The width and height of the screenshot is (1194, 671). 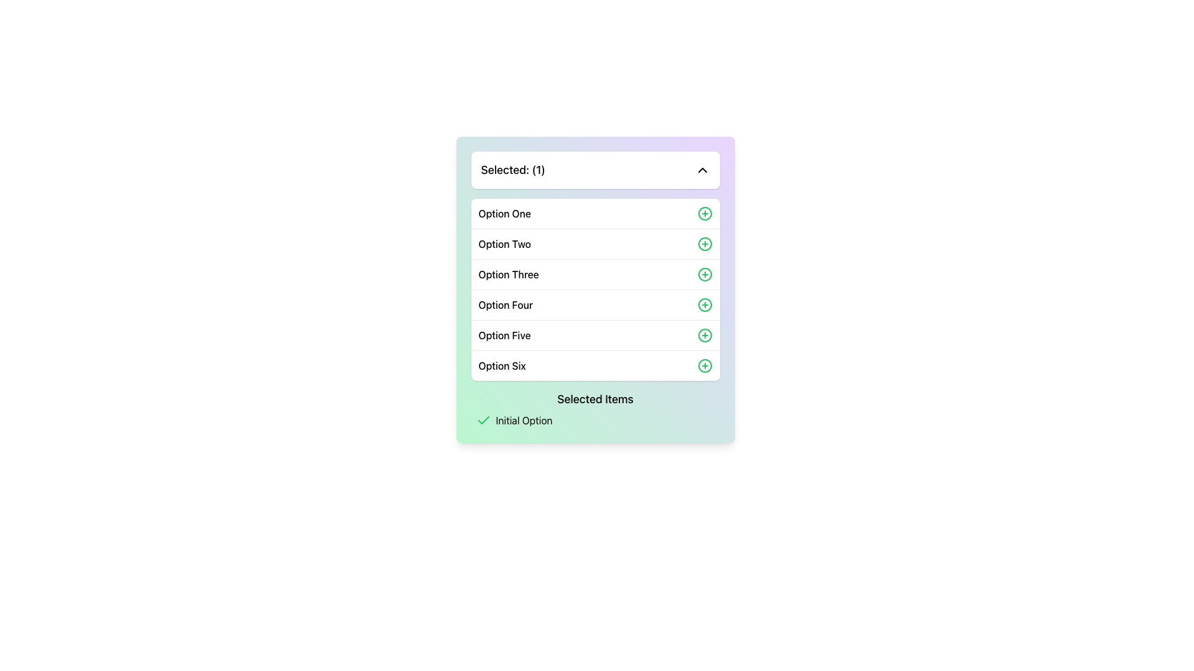 I want to click on the green-bordered circular icon with a plus sign (+) located to the far right of 'Option Three' in the third row of the vertically stacked list, so click(x=705, y=274).